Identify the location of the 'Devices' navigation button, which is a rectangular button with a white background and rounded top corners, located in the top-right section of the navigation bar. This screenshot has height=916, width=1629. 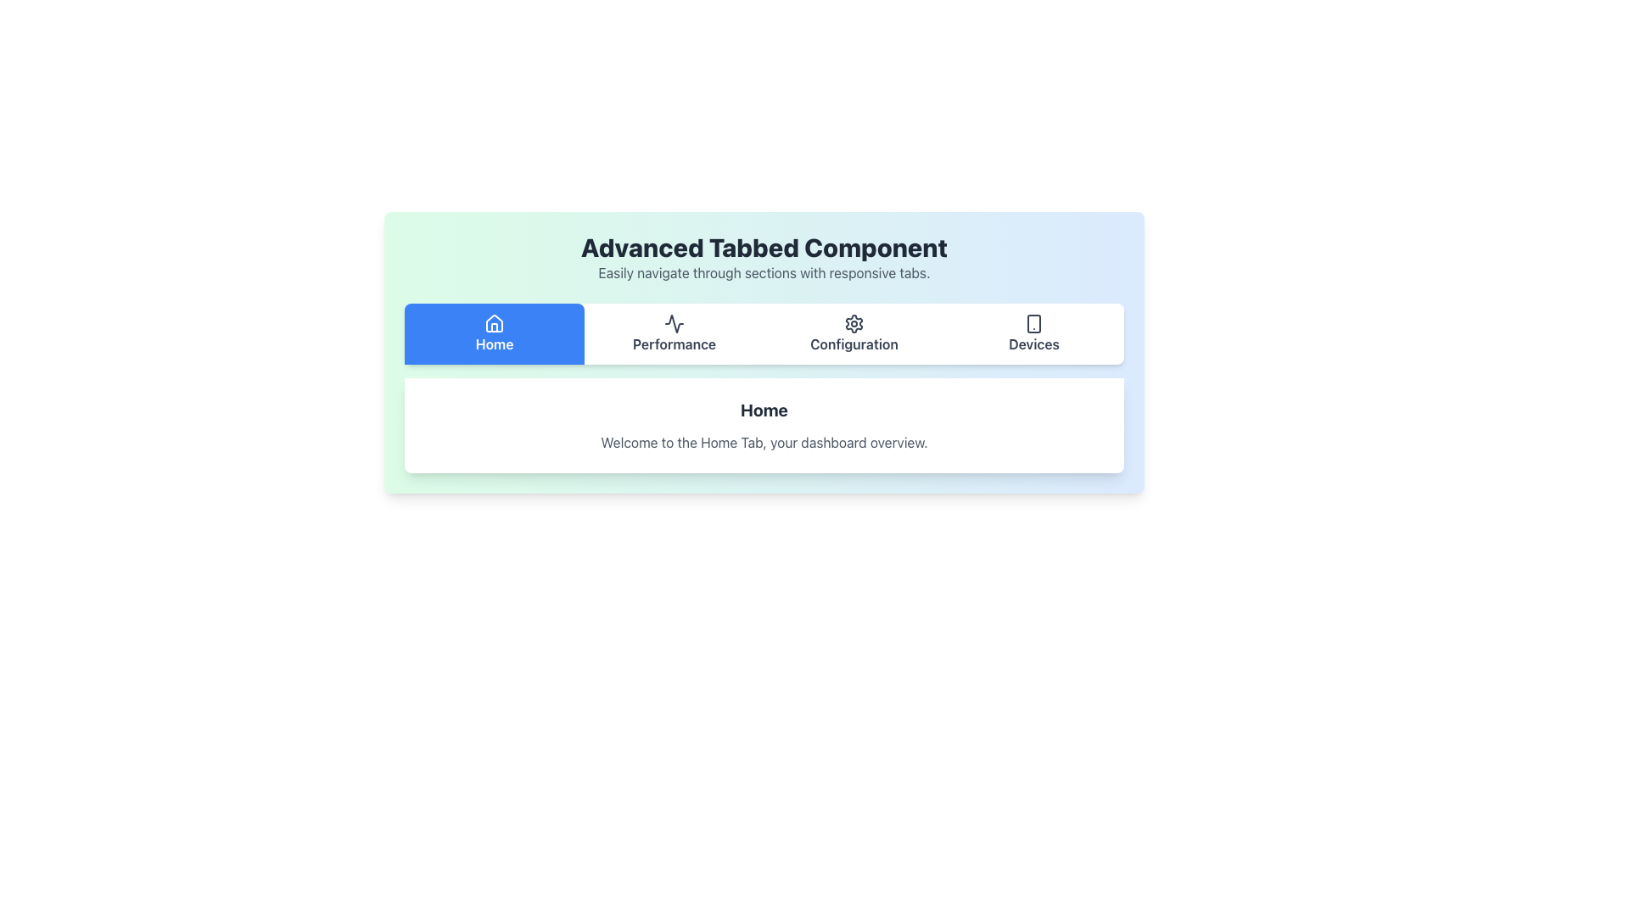
(1033, 333).